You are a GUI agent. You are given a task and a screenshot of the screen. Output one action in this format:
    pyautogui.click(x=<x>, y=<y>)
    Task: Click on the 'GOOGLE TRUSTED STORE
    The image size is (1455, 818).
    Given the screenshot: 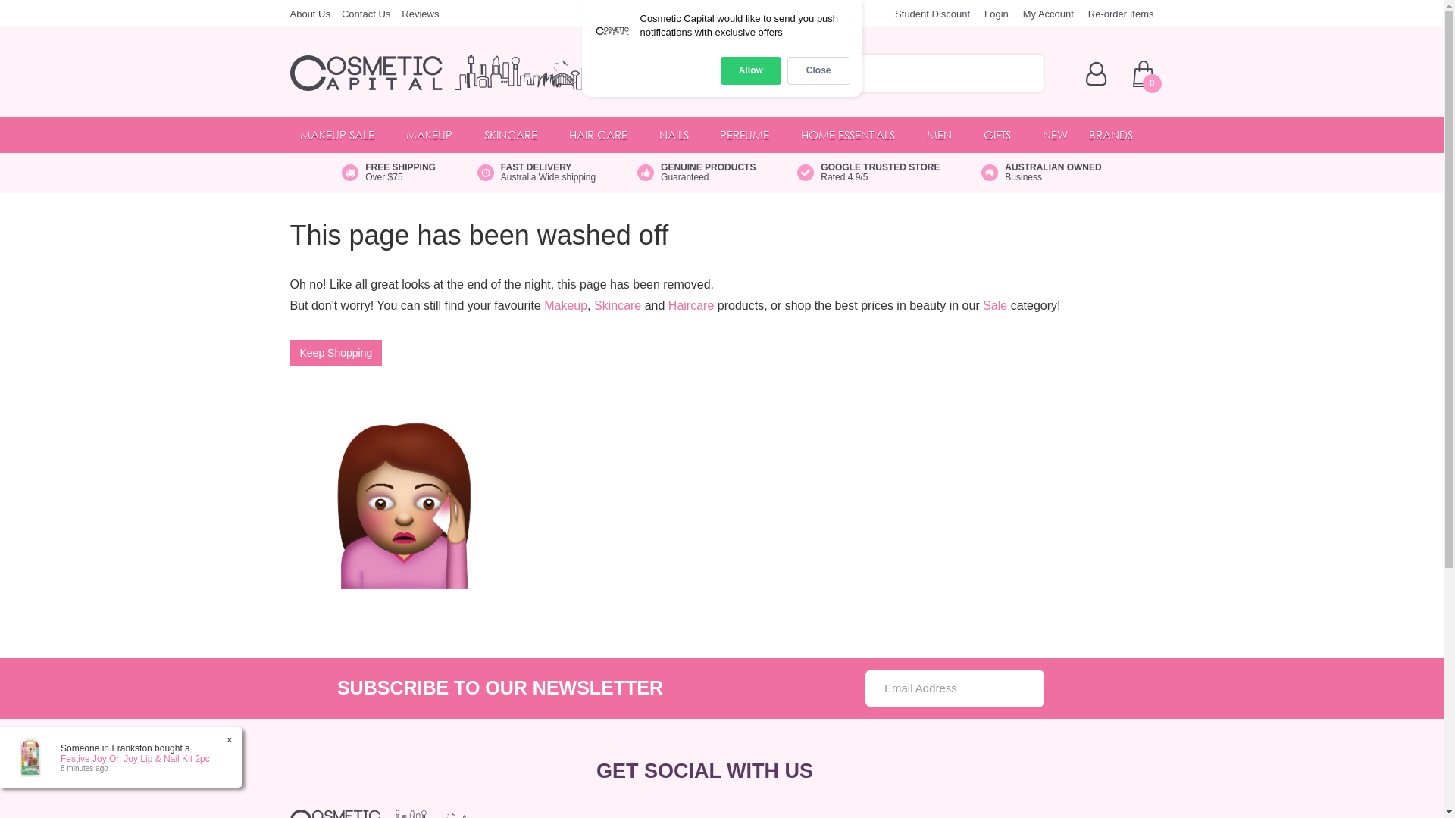 What is the action you would take?
    pyautogui.click(x=868, y=171)
    